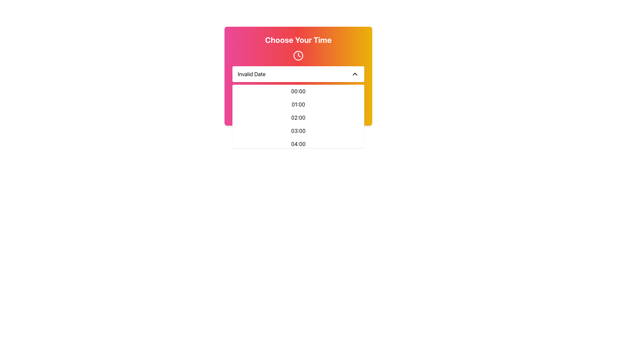 Image resolution: width=633 pixels, height=356 pixels. Describe the element at coordinates (298, 143) in the screenshot. I see `the interactive list item displaying '04:00'` at that location.